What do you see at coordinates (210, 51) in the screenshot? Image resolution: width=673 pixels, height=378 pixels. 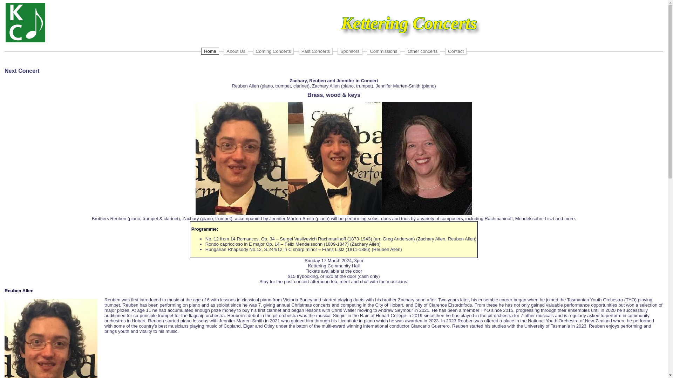 I see `'Home'` at bounding box center [210, 51].